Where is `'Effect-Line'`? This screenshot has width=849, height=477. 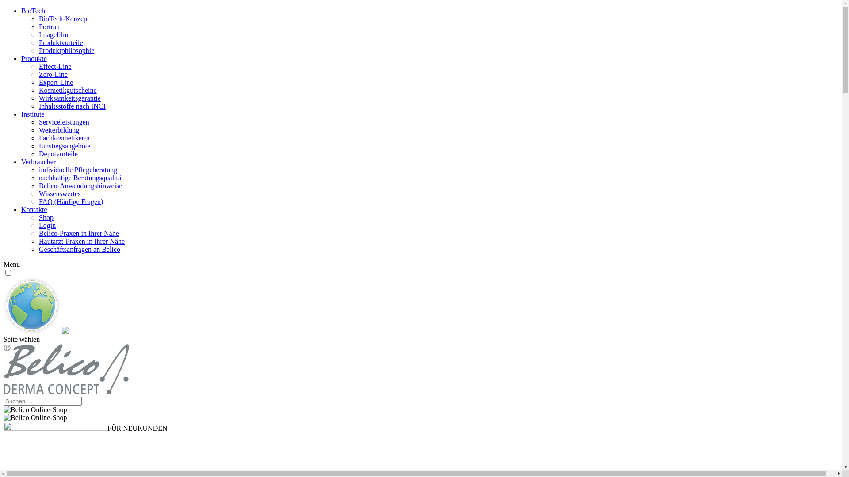 'Effect-Line' is located at coordinates (54, 66).